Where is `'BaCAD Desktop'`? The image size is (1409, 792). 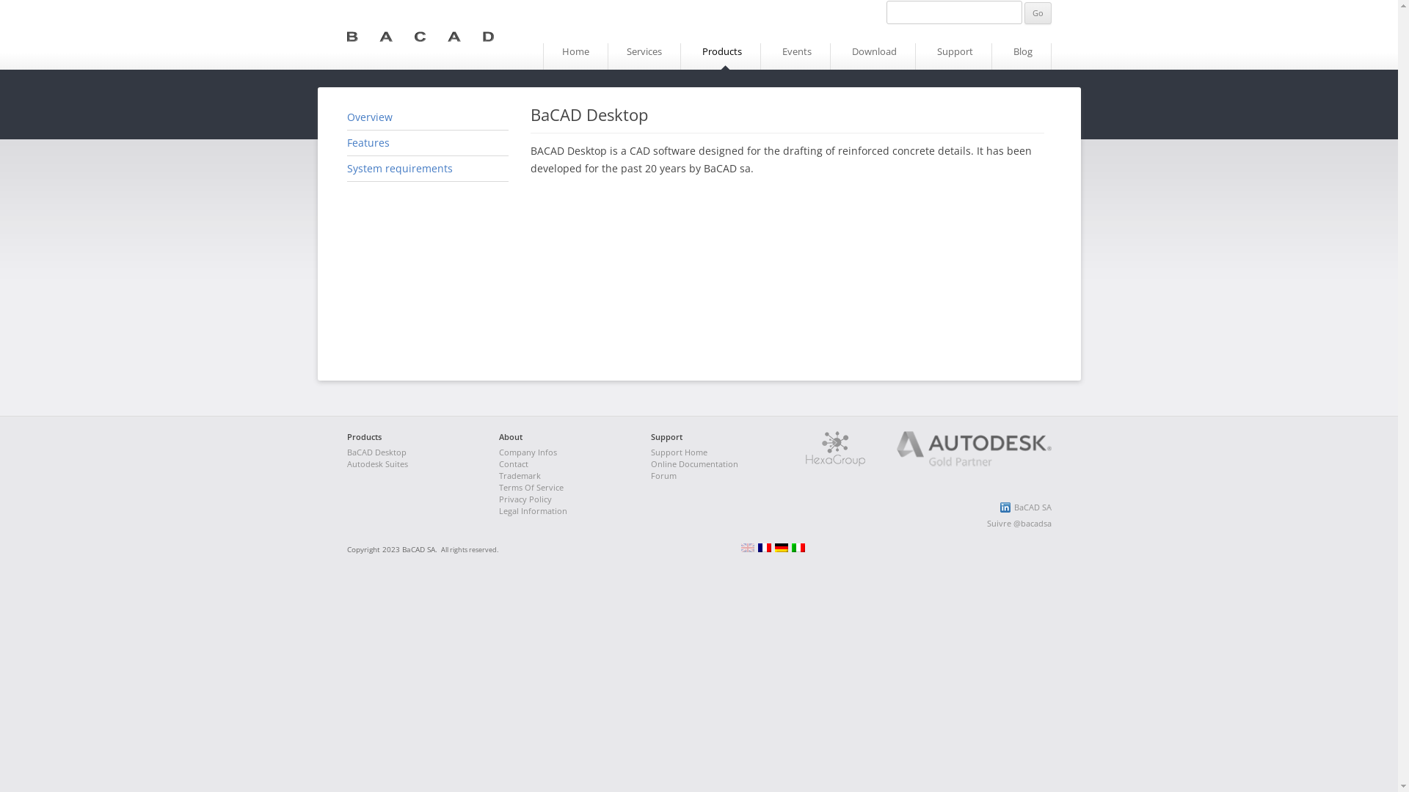 'BaCAD Desktop' is located at coordinates (376, 451).